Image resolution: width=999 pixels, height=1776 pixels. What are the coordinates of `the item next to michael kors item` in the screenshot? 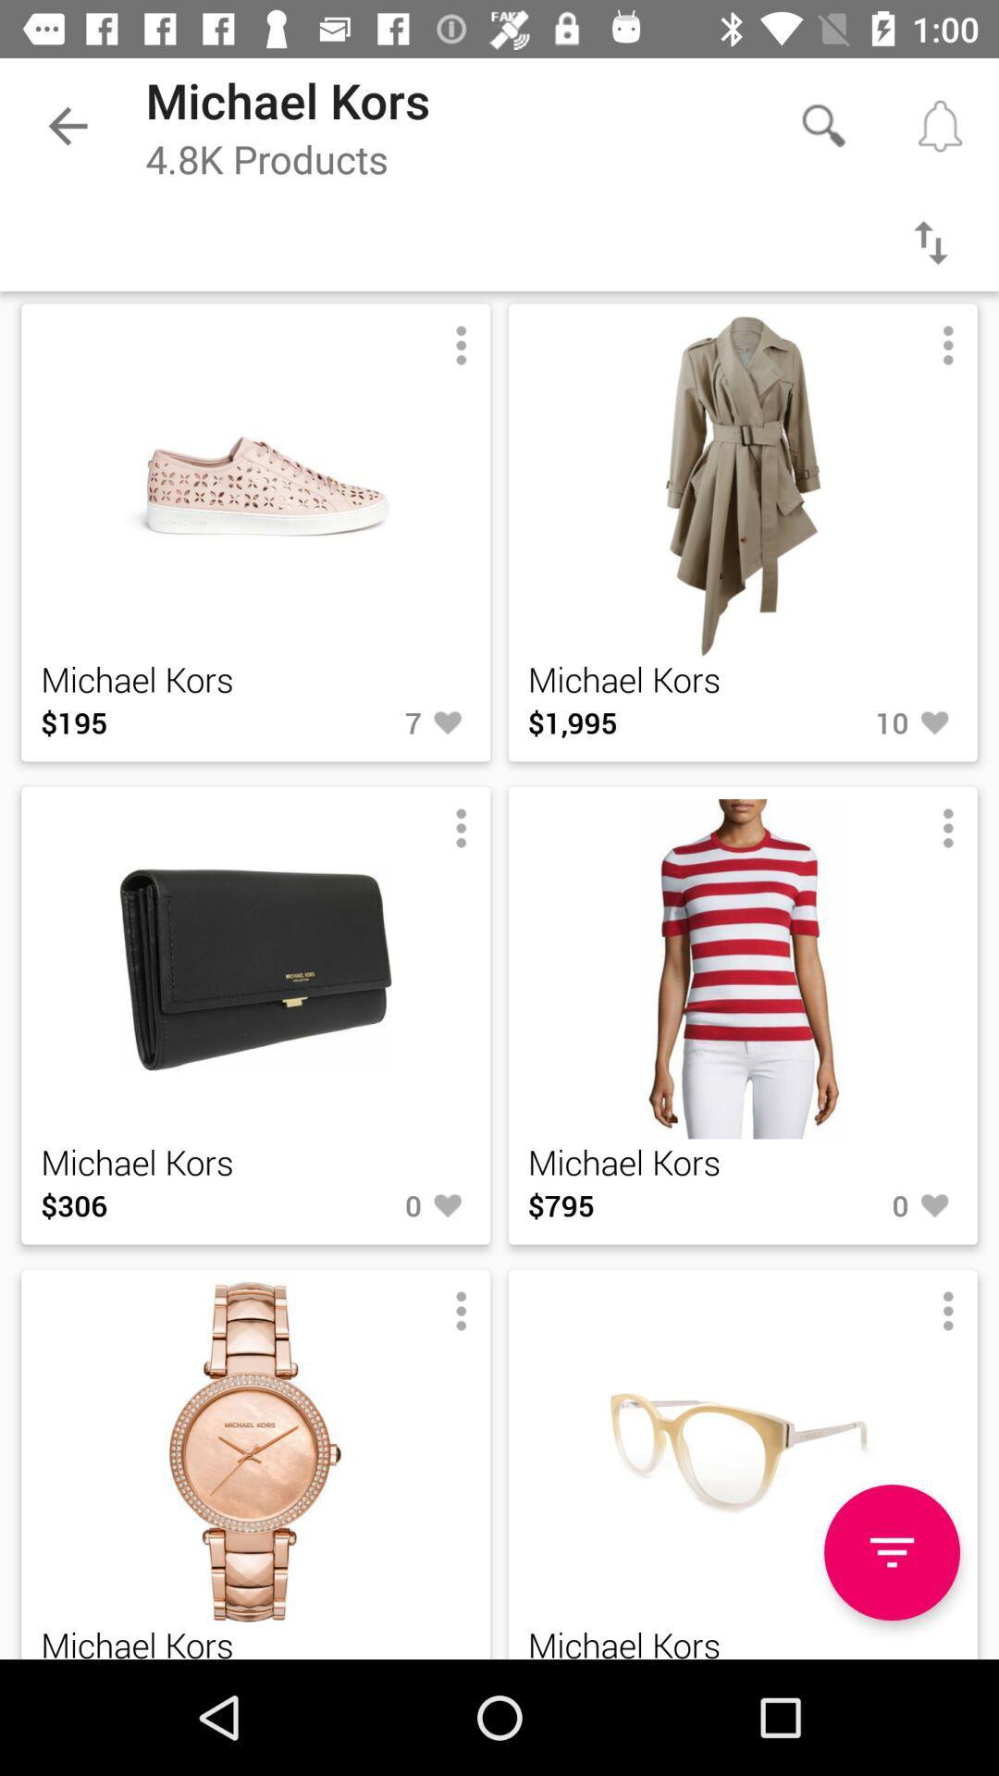 It's located at (67, 125).